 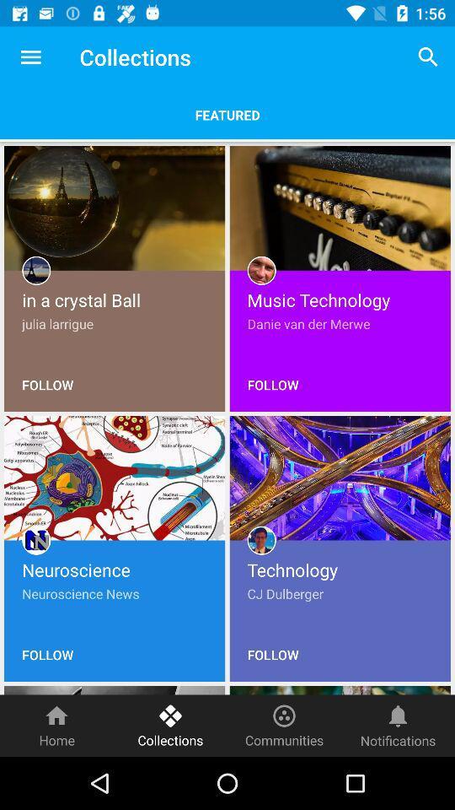 I want to click on communities, so click(x=284, y=725).